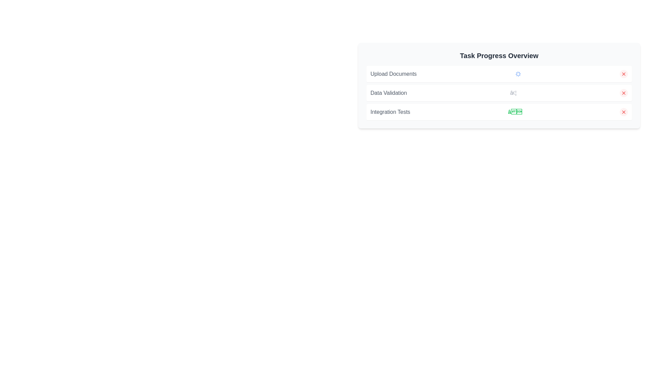 This screenshot has height=367, width=652. I want to click on the 'delete' button in the 'Data Validation' section of the 'Task Progress Overview', so click(624, 93).